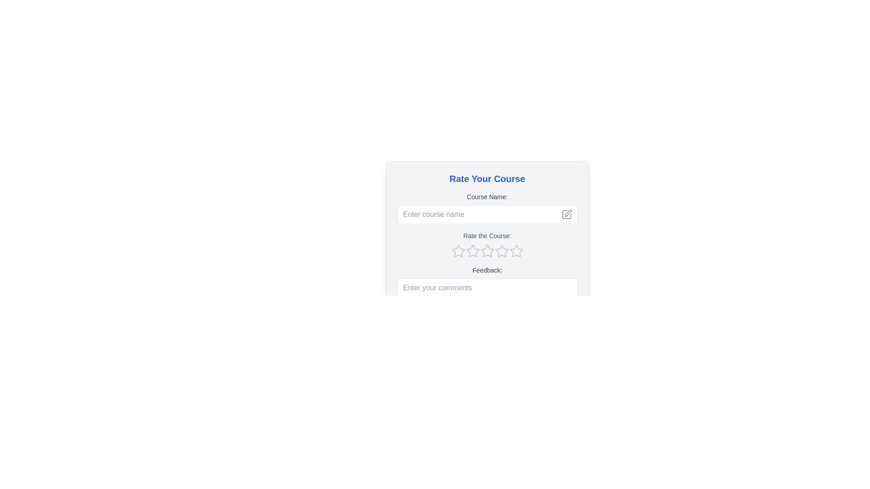  Describe the element at coordinates (501, 251) in the screenshot. I see `the third star icon in the row of five rating stars` at that location.